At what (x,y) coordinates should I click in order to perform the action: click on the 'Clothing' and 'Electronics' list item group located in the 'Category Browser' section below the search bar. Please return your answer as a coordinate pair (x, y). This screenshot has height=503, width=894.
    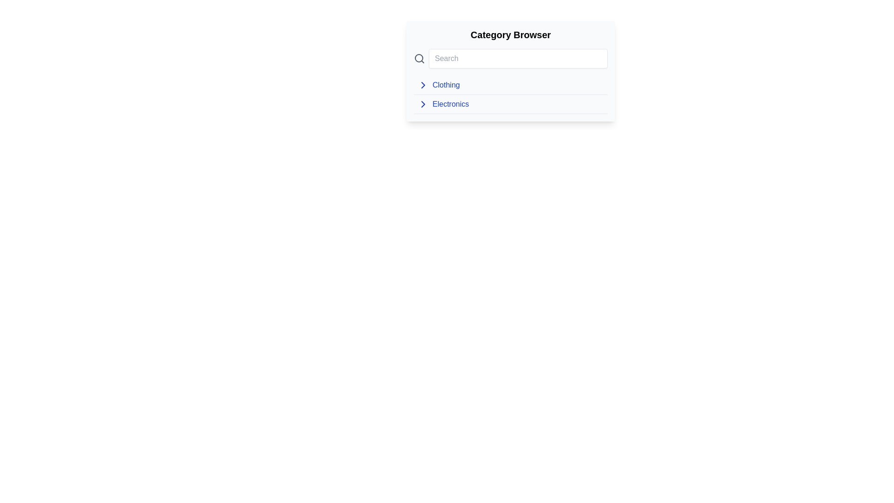
    Looking at the image, I should click on (510, 95).